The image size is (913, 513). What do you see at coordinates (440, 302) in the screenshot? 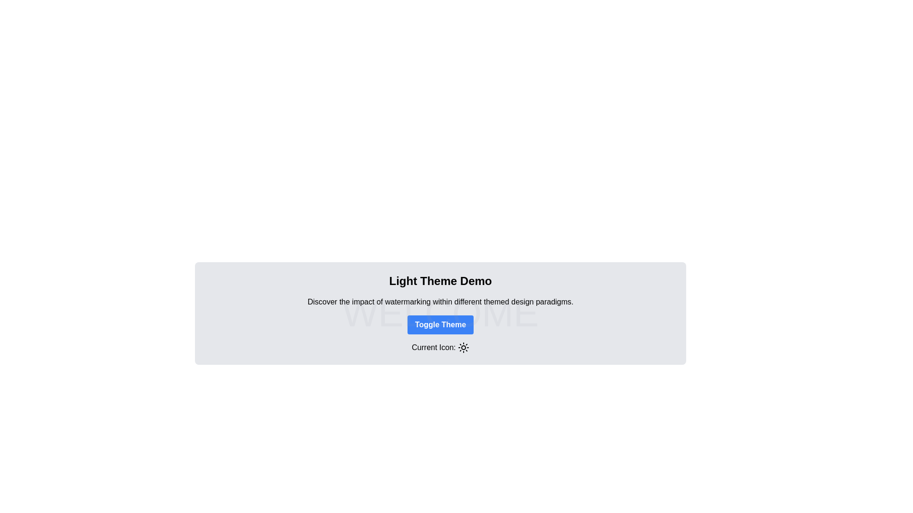
I see `the Text block that contains the sentence 'Discover the impact of watermarking within different themed design paradigms.' This Text block is positioned below the heading 'Light Theme Demo' and above the button labeled 'Toggle Theme.'` at bounding box center [440, 302].